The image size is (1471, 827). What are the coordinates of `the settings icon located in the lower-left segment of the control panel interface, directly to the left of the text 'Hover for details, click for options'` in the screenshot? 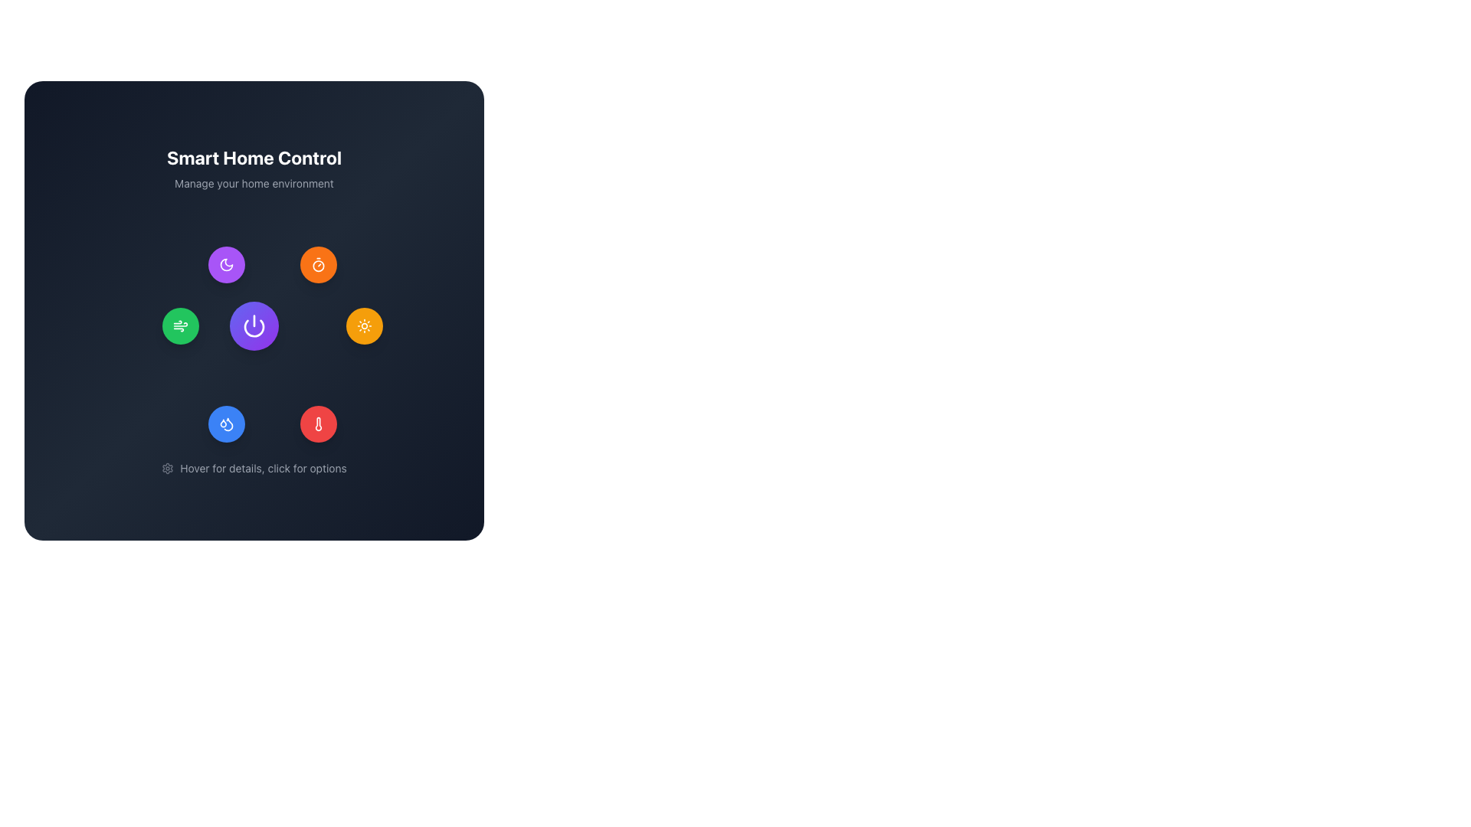 It's located at (168, 468).